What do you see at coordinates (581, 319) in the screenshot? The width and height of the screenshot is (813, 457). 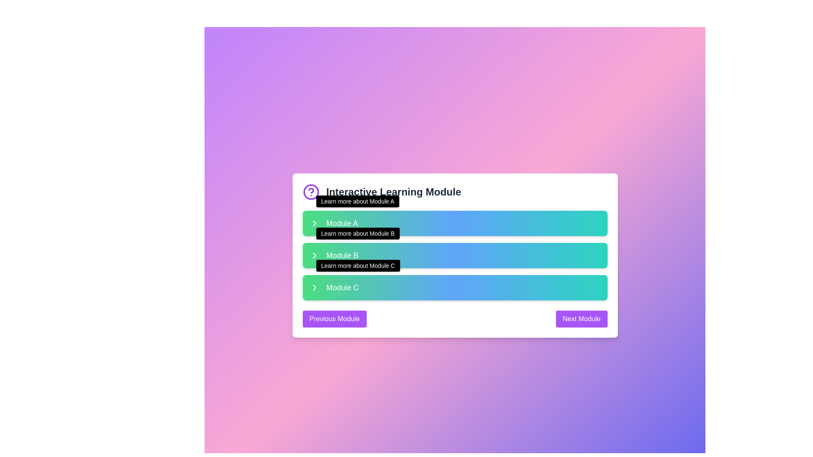 I see `the 'Next Module' button, which is a rectangular button with rounded corners, purple background, and white text, located in the lower-right part of the interface` at bounding box center [581, 319].